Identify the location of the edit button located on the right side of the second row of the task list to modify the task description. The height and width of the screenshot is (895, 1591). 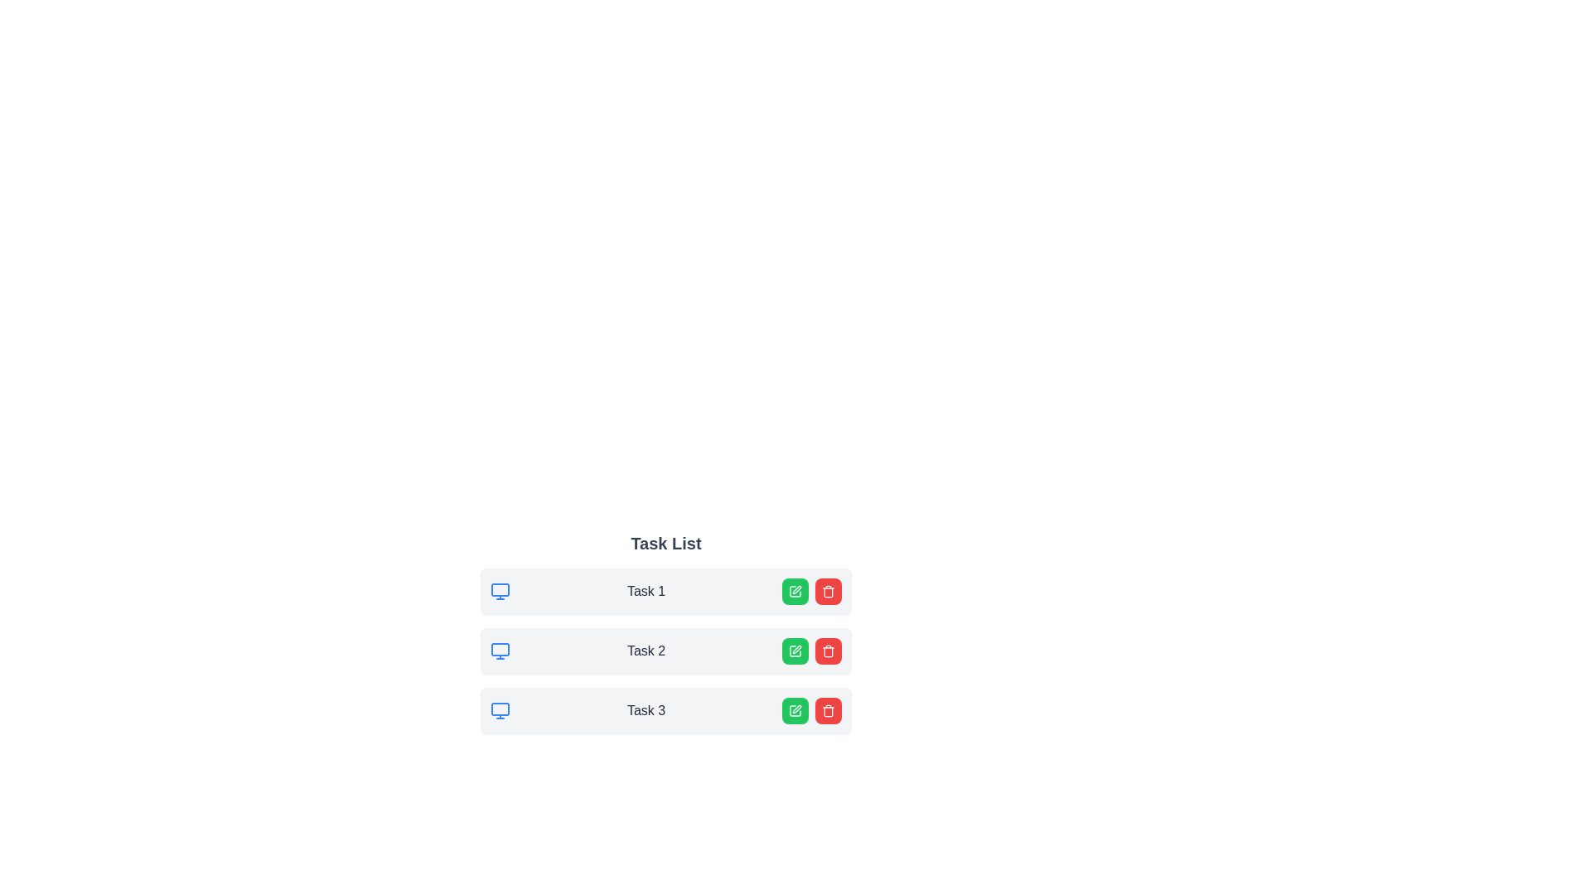
(795, 651).